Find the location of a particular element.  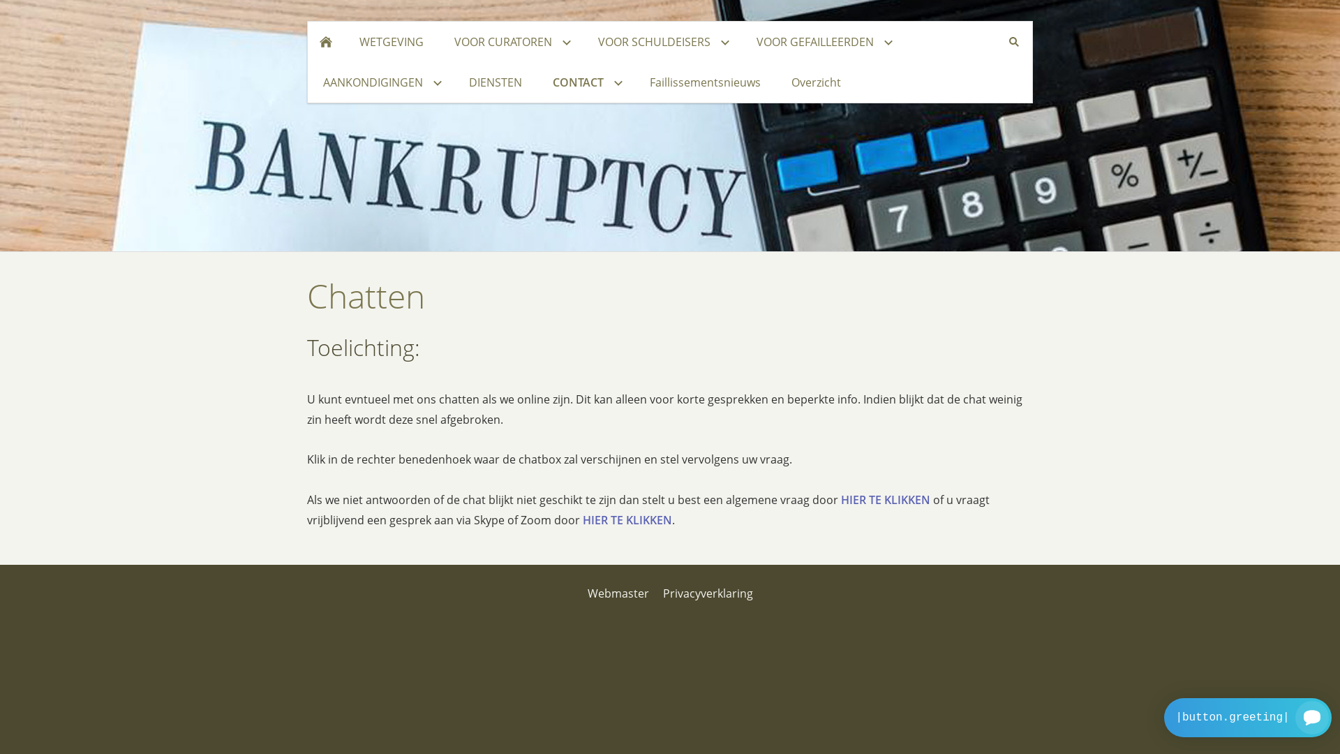

'VOOR CURATOREN' is located at coordinates (438, 41).